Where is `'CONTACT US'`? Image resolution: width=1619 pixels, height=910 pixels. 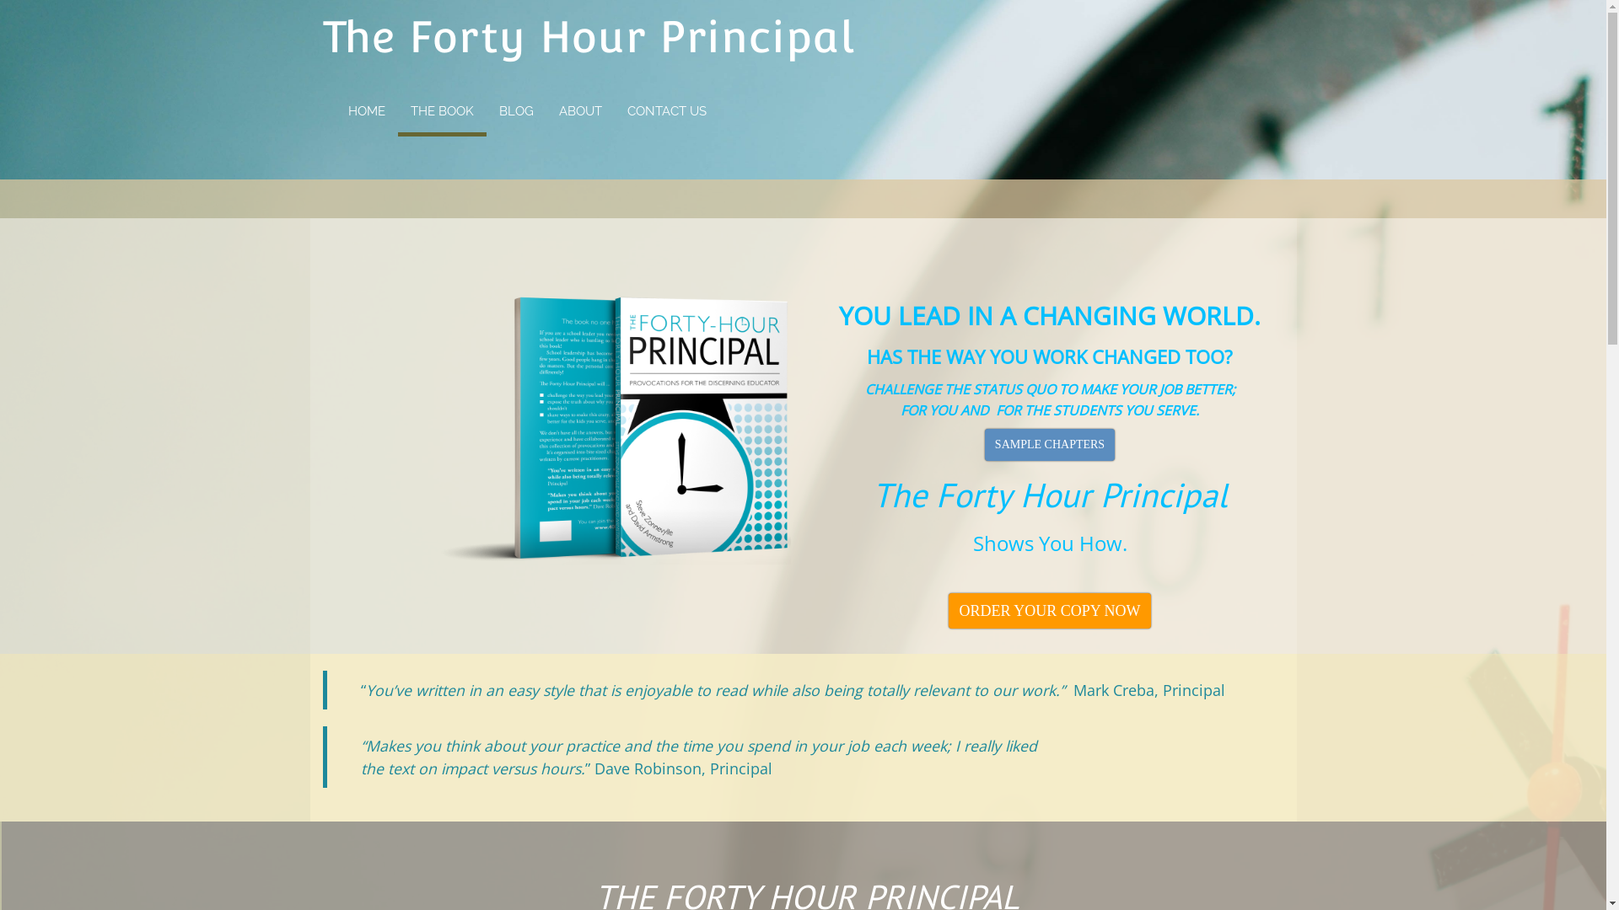 'CONTACT US' is located at coordinates (665, 110).